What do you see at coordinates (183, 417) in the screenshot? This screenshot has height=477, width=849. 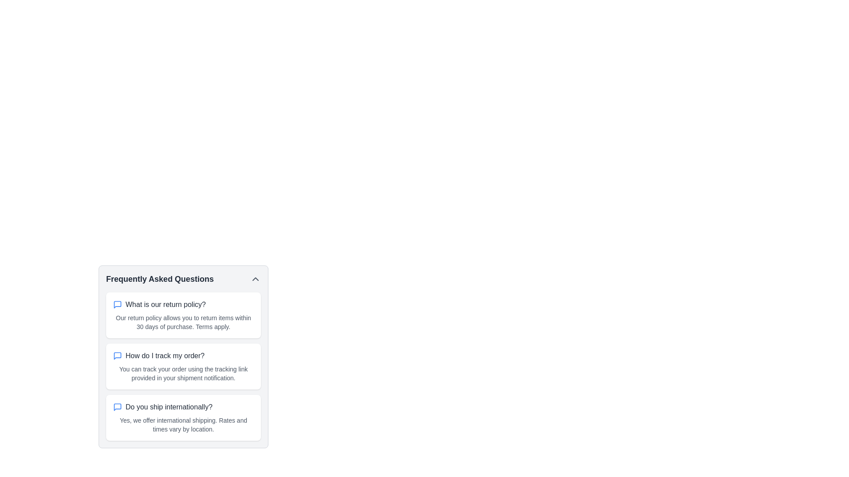 I see `the informational card located at the bottom of the FAQ section, under 'How do I track my order?', which is the third card in the list` at bounding box center [183, 417].